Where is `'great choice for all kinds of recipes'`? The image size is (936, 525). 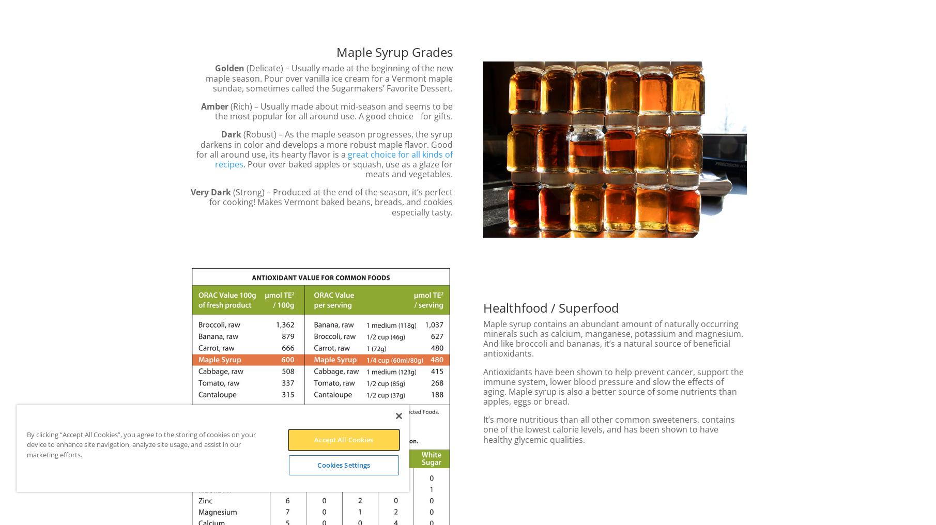
'great choice for all kinds of recipes' is located at coordinates (333, 158).